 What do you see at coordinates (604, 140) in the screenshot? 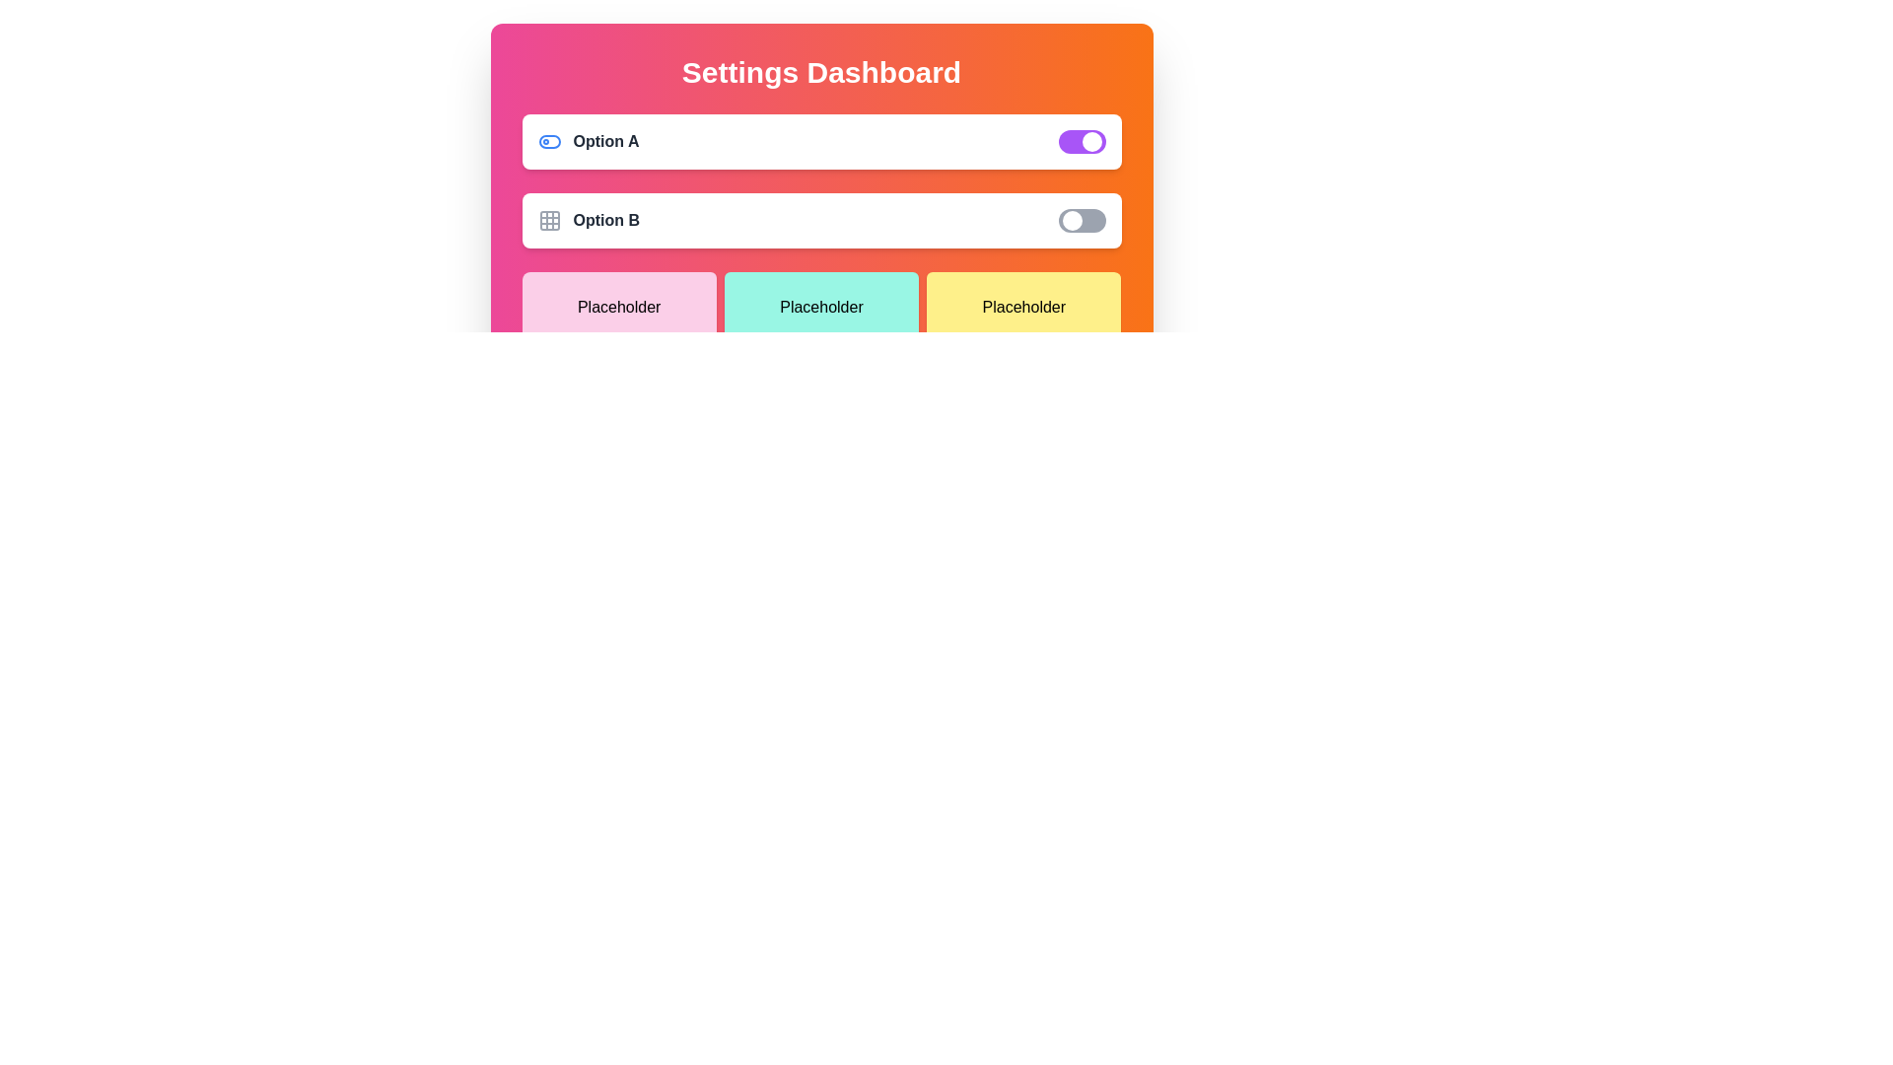
I see `the text label 'Option A' which is styled in bold dark gray and is part of a toggle row, located to the right of a blue toggle icon` at bounding box center [604, 140].